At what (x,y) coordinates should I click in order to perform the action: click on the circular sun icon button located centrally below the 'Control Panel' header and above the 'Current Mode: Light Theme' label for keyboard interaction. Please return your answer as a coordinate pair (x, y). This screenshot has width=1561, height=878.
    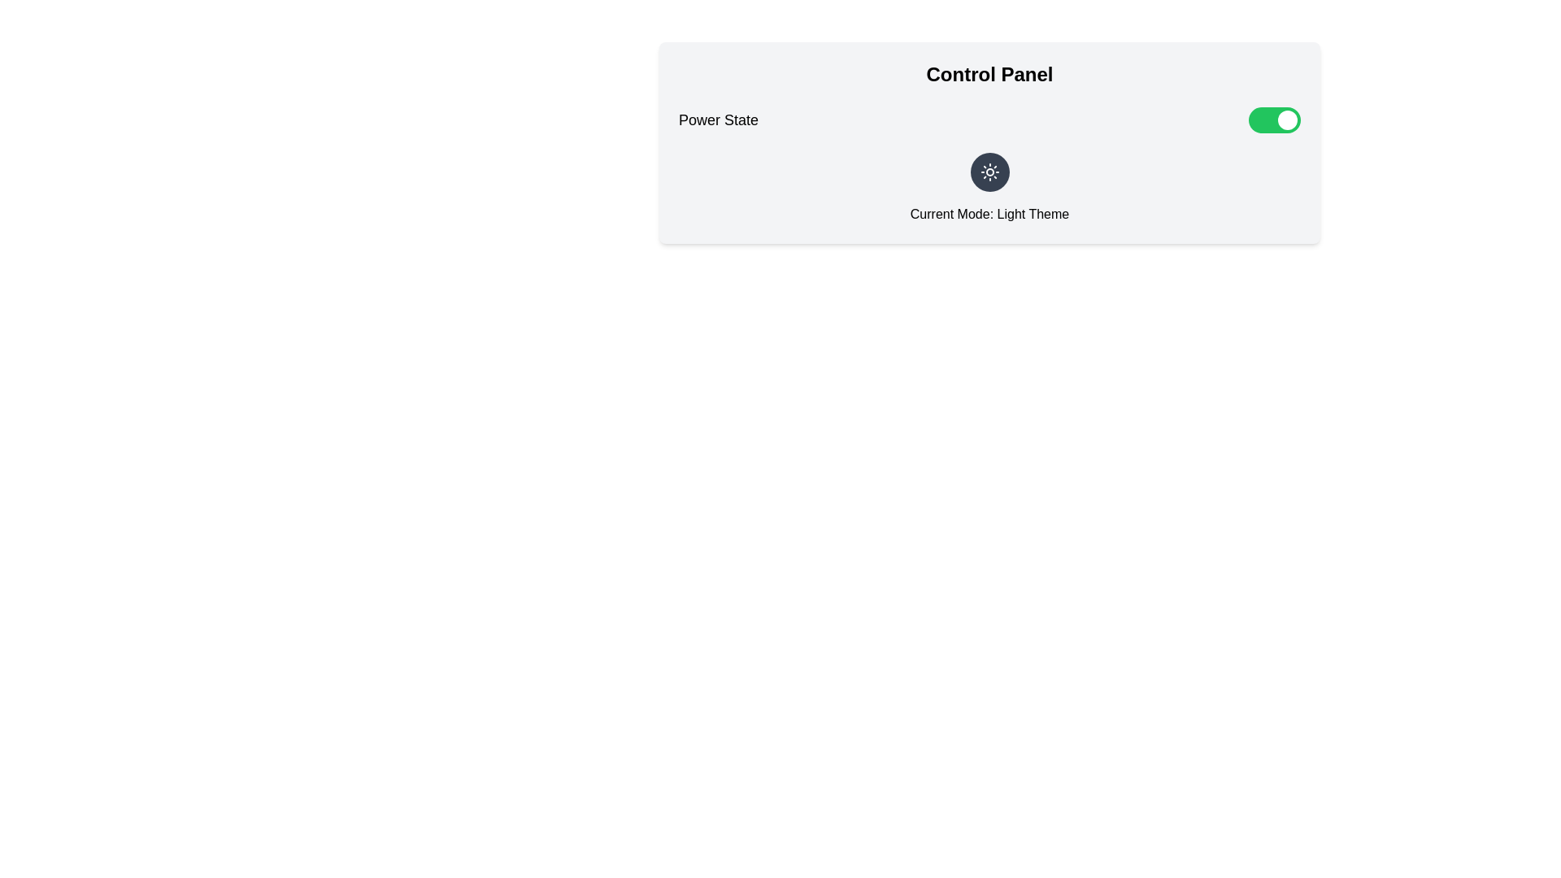
    Looking at the image, I should click on (989, 172).